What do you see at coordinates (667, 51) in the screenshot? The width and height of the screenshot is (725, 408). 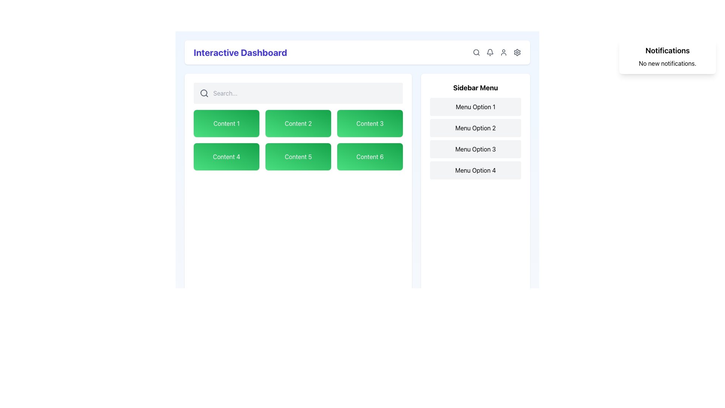 I see `title text in the notification card, which indicates the content relates to notifications and is positioned at the top-center of the card` at bounding box center [667, 51].